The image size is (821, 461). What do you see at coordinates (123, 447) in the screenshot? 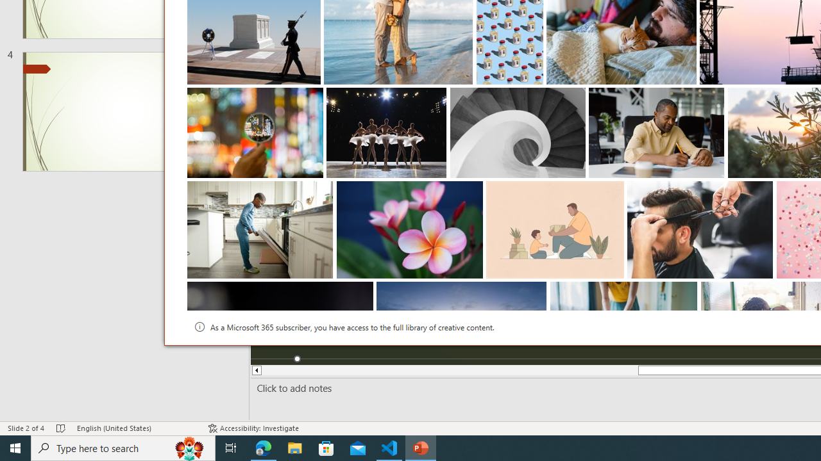
I see `'Type here to search'` at bounding box center [123, 447].